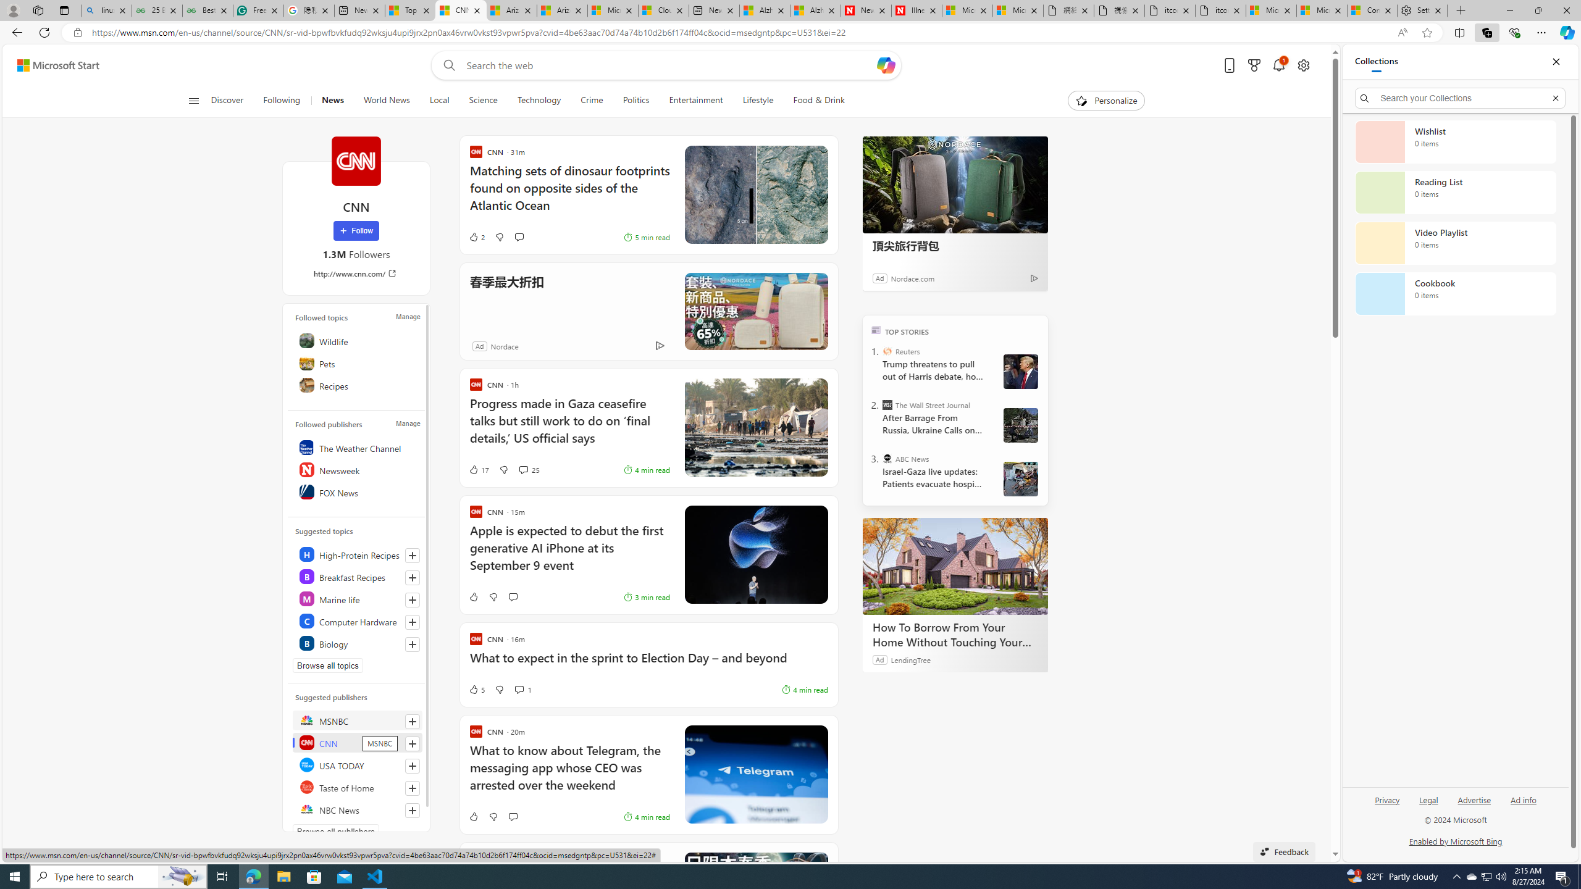 The image size is (1581, 889). I want to click on 'Consumer Health Data Privacy Policy', so click(1372, 10).